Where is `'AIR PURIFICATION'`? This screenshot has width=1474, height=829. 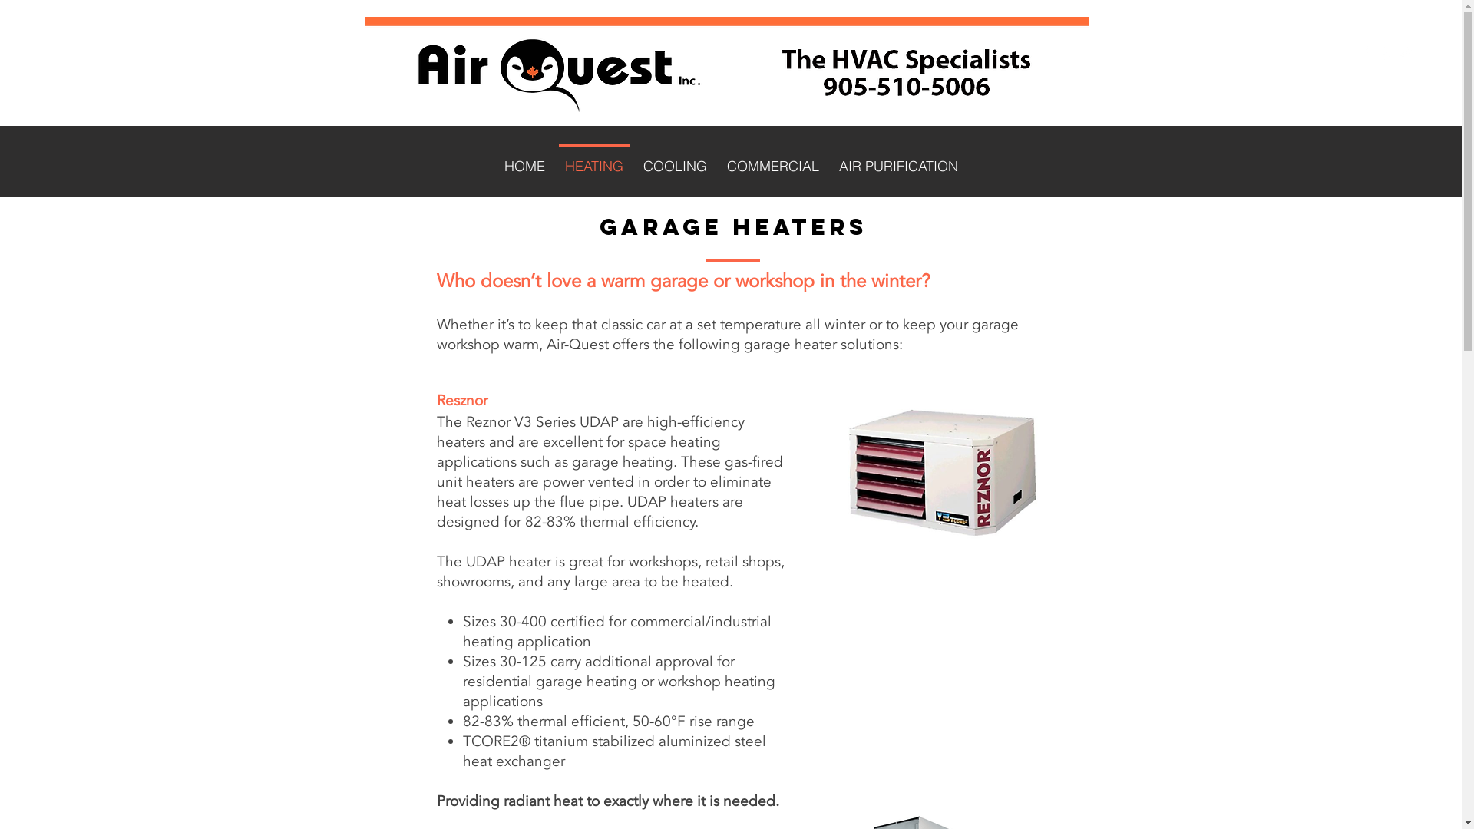
'AIR PURIFICATION' is located at coordinates (898, 159).